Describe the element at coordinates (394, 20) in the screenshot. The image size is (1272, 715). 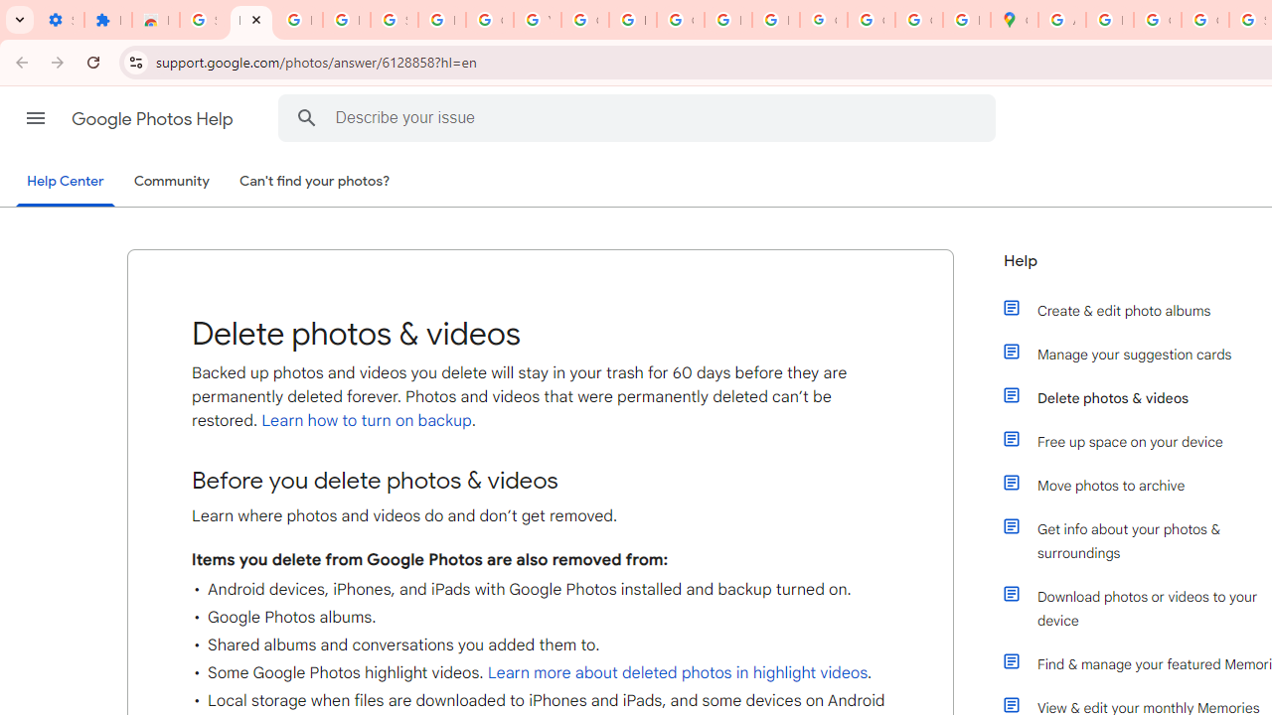
I see `'Sign in - Google Accounts'` at that location.